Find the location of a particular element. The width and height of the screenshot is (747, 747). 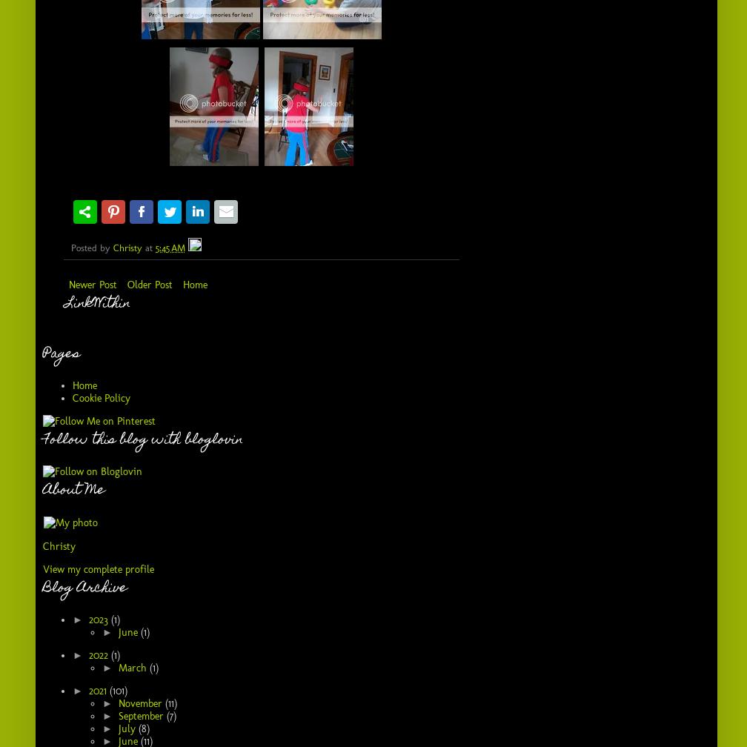

'2021' is located at coordinates (98, 690).